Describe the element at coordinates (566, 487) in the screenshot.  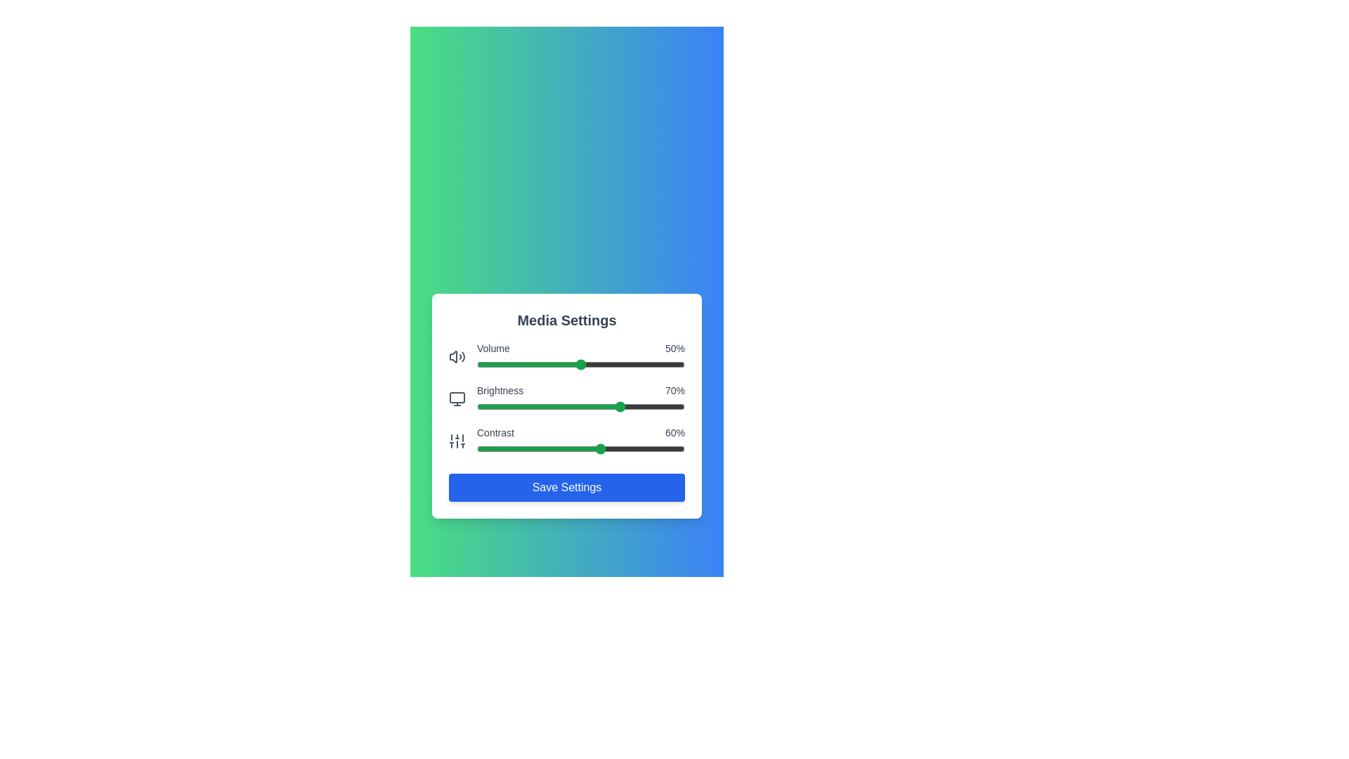
I see `the 'Save Settings' button to save the current media settings` at that location.